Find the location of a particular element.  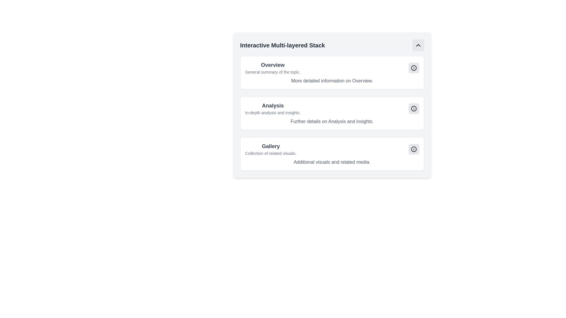

text label displaying 'Collection of related visuals.' located below the 'Gallery' heading in the 'Interactive Multi-layered Stack' interface is located at coordinates (270, 153).